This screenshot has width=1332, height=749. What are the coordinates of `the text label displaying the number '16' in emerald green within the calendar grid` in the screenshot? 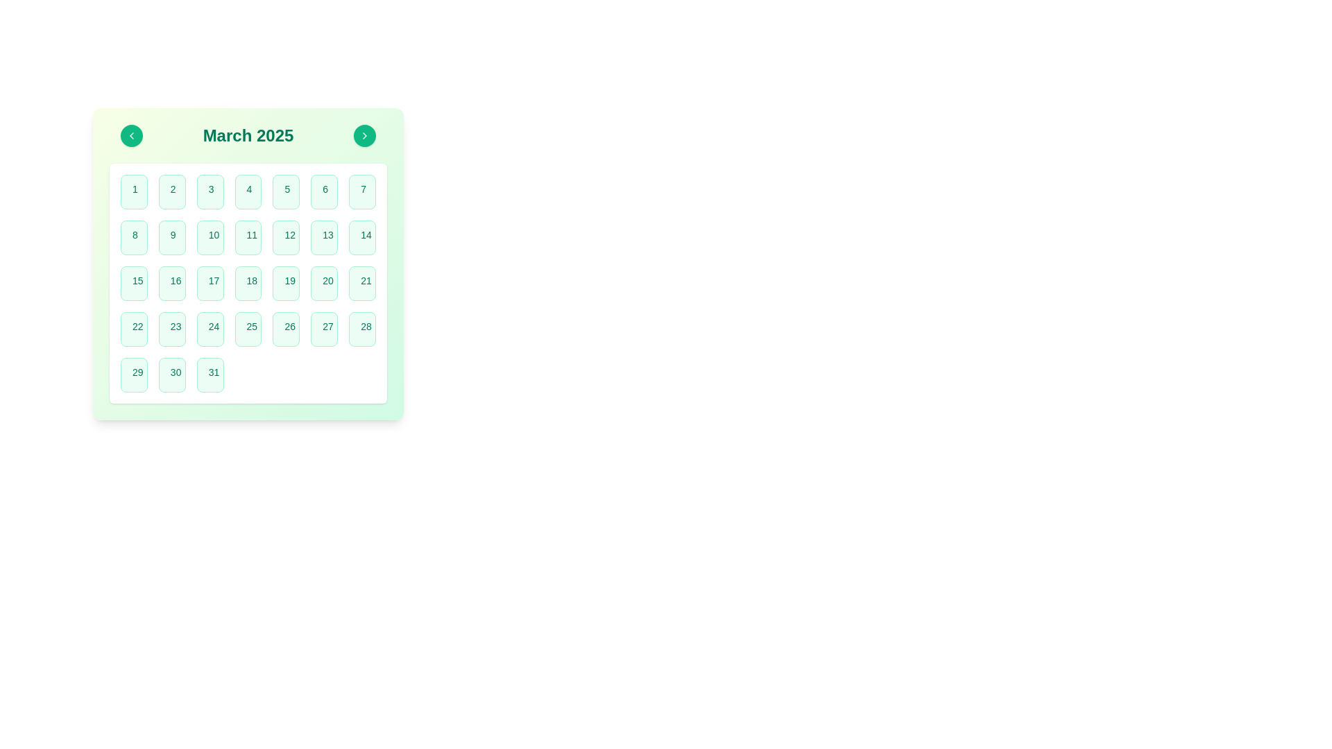 It's located at (175, 281).